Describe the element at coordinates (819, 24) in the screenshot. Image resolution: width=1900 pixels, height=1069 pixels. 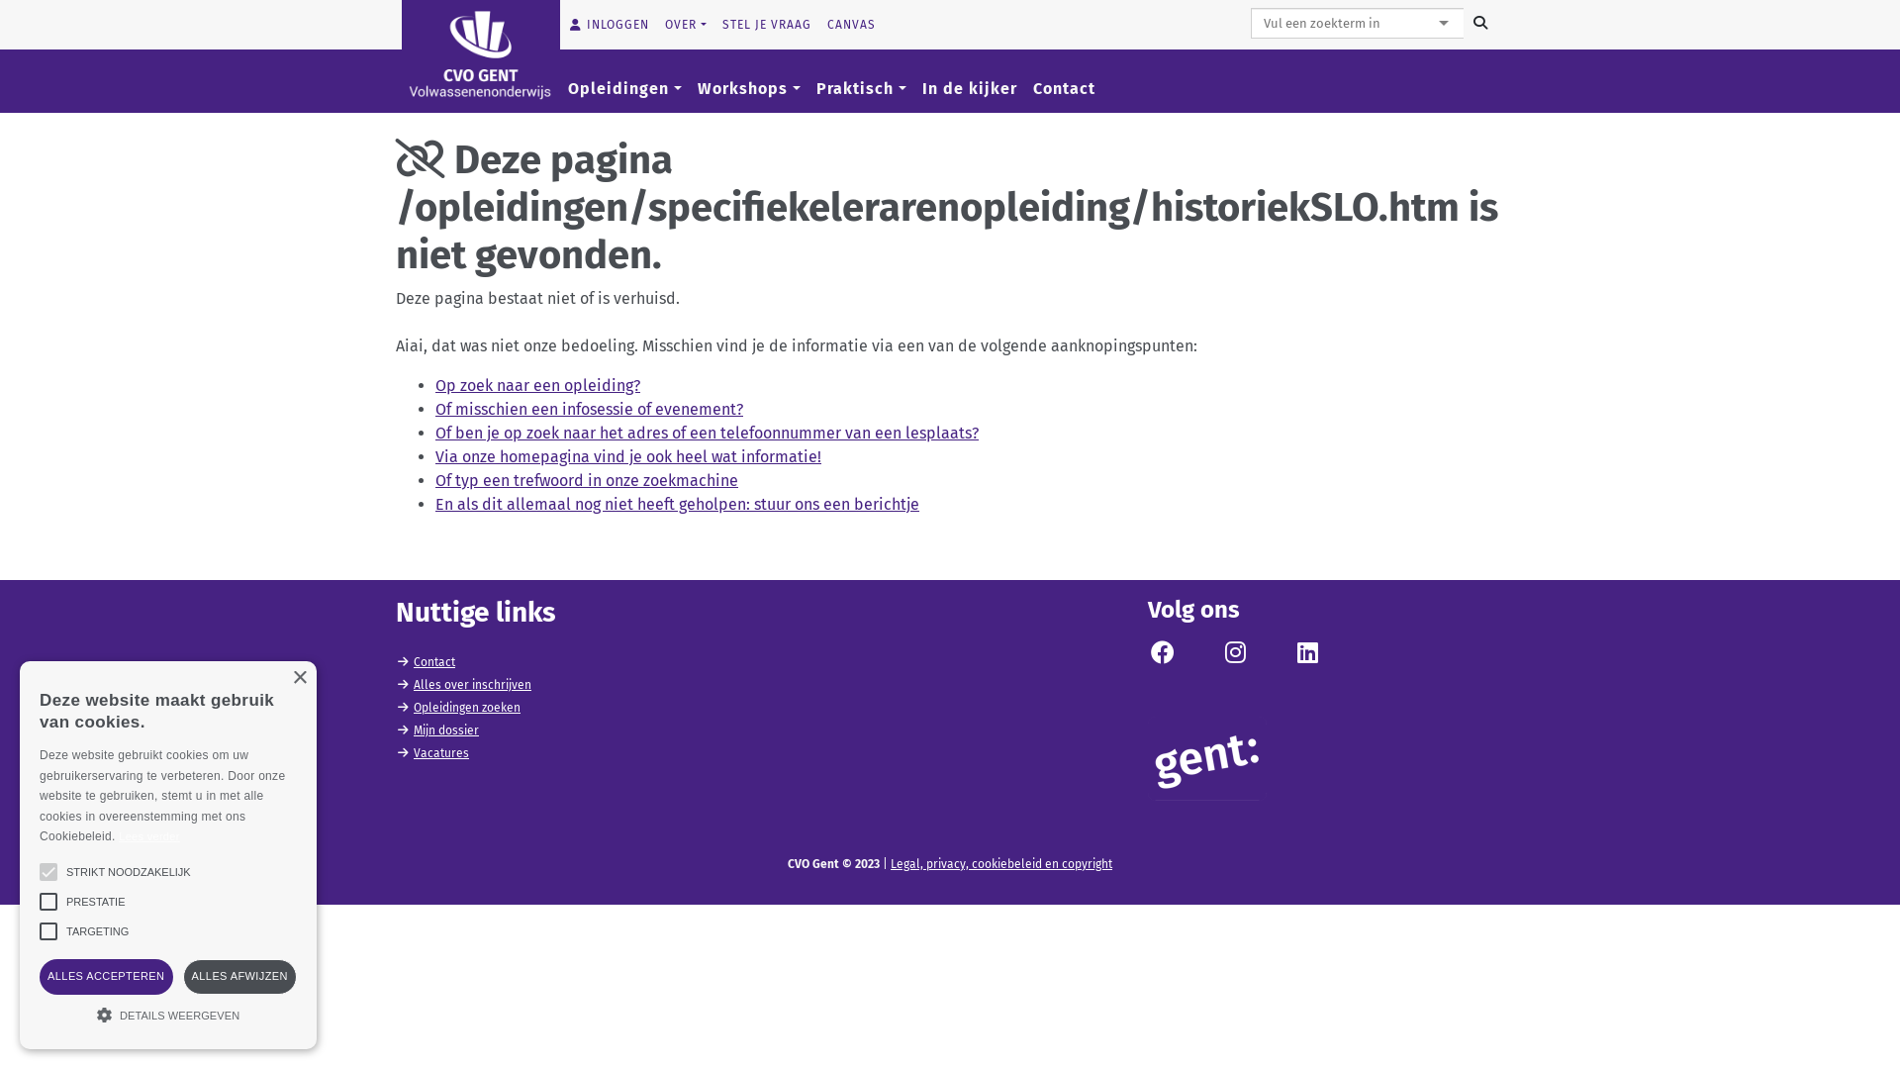
I see `'CANVAS'` at that location.